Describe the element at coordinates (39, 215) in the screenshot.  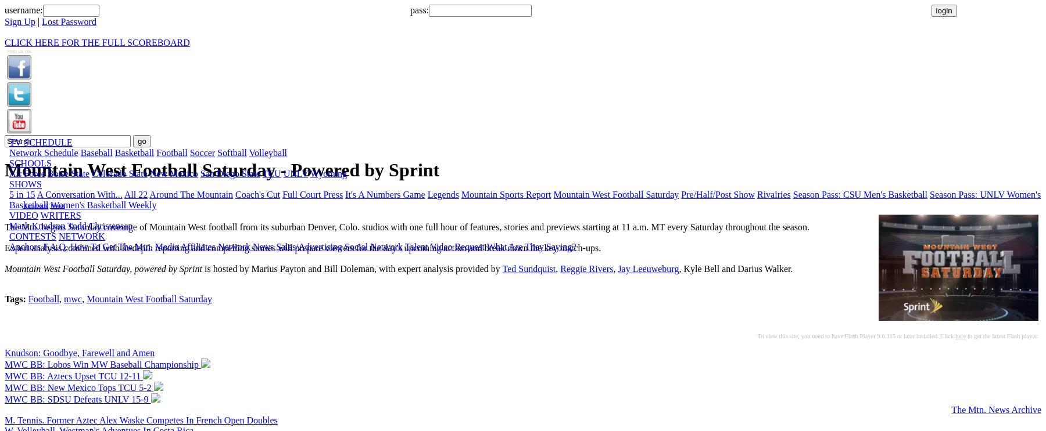
I see `'WRITERS'` at that location.